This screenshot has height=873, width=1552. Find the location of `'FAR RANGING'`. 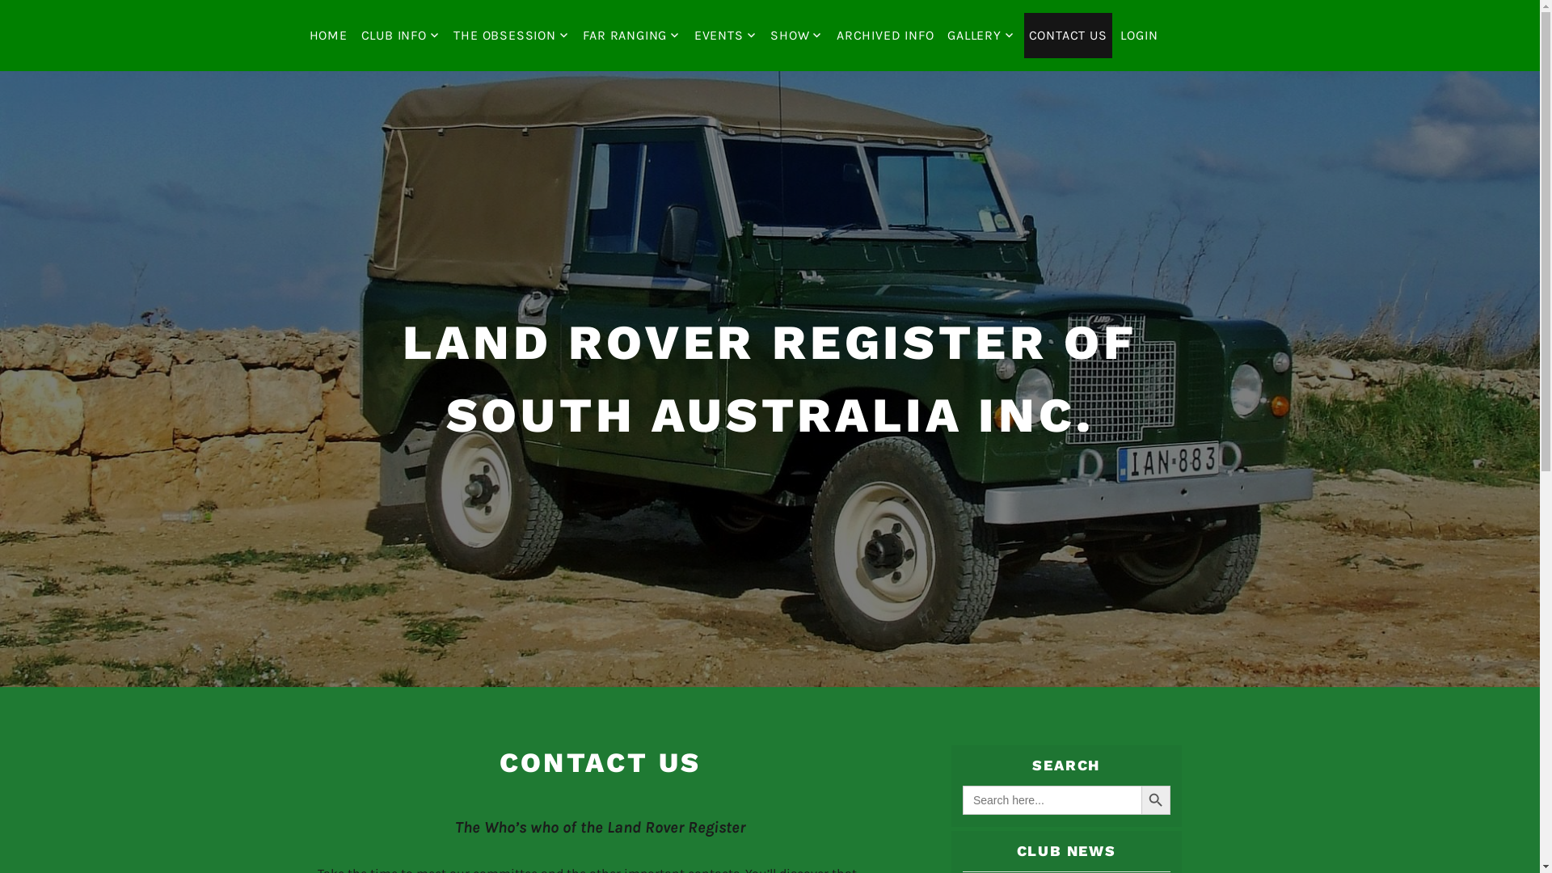

'FAR RANGING' is located at coordinates (630, 35).